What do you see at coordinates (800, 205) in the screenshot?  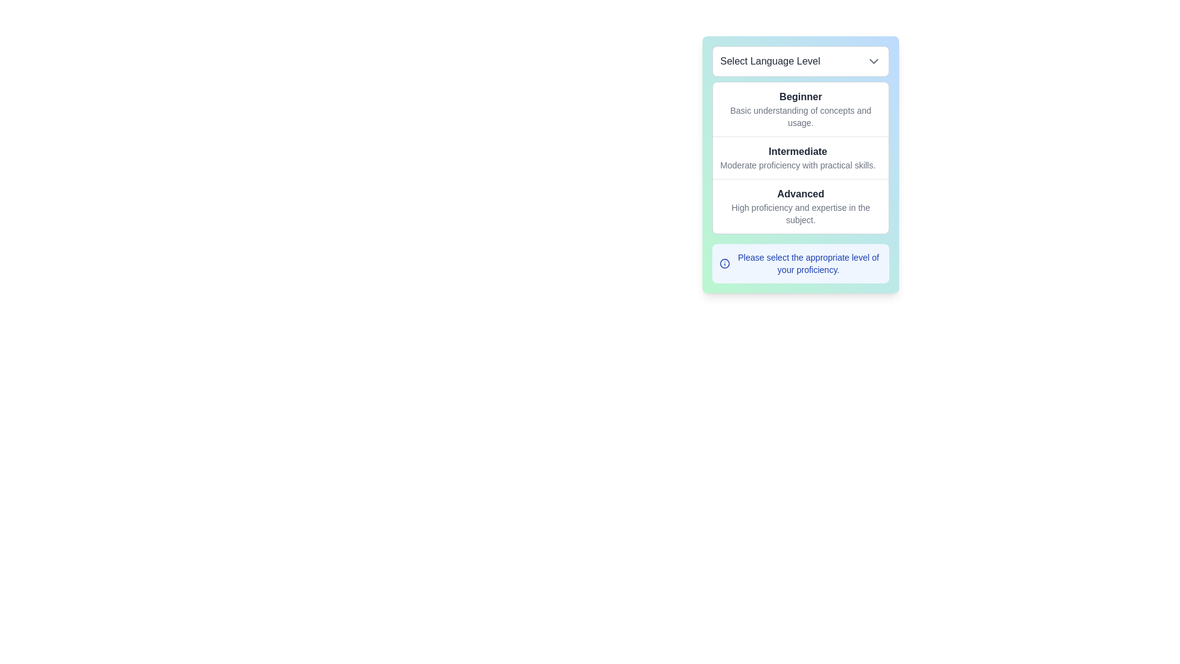 I see `to select the 'Advanced' level option, which is the third item in a vertical list, displayed in bold dark gray font, followed by a description in lighter gray` at bounding box center [800, 205].